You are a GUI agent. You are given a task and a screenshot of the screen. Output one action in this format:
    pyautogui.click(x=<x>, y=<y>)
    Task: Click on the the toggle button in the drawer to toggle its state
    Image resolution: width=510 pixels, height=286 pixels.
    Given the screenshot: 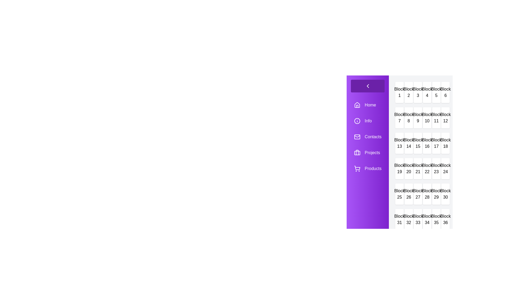 What is the action you would take?
    pyautogui.click(x=367, y=86)
    